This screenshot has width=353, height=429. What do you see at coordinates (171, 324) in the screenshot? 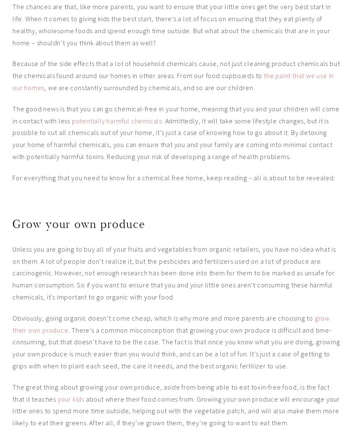
I see `'grow their own produce'` at bounding box center [171, 324].